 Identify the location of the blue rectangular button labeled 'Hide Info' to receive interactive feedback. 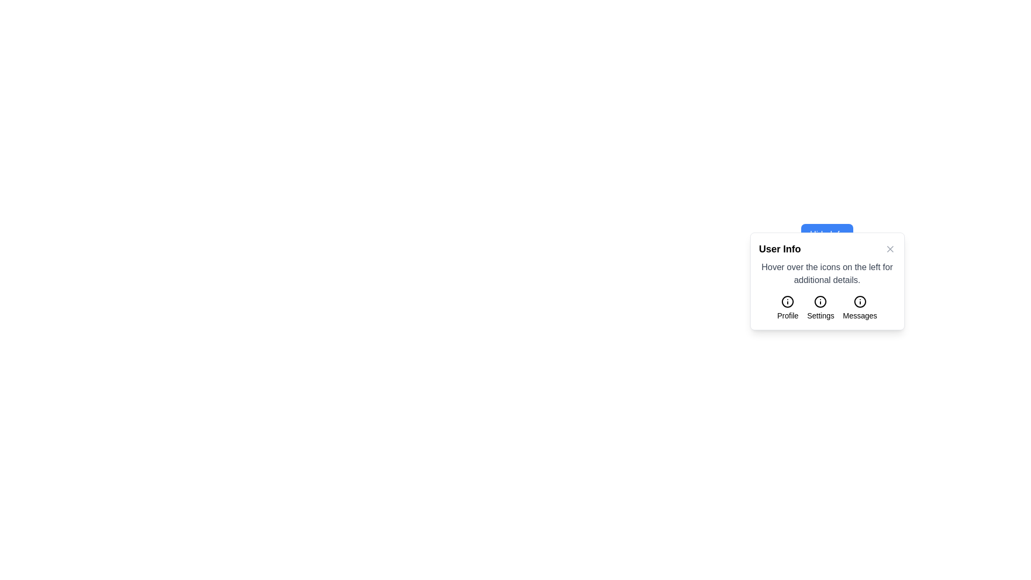
(826, 234).